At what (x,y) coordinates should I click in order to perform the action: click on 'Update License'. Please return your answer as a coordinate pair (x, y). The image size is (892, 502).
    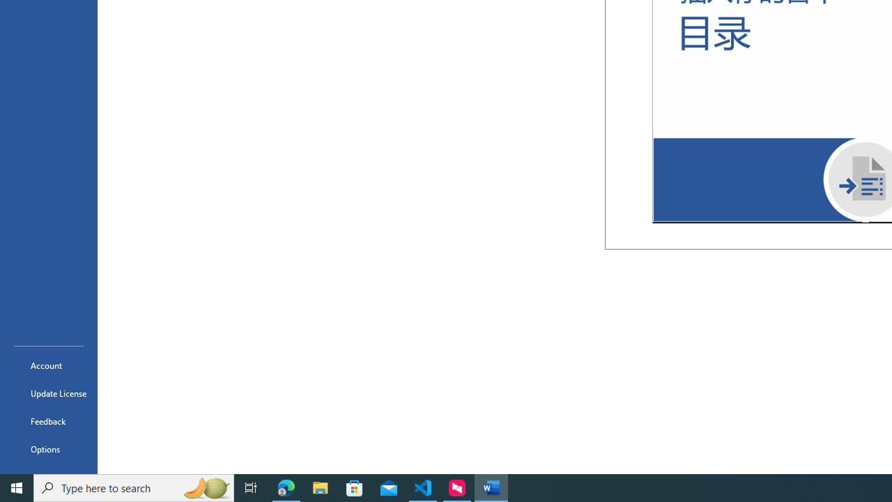
    Looking at the image, I should click on (48, 393).